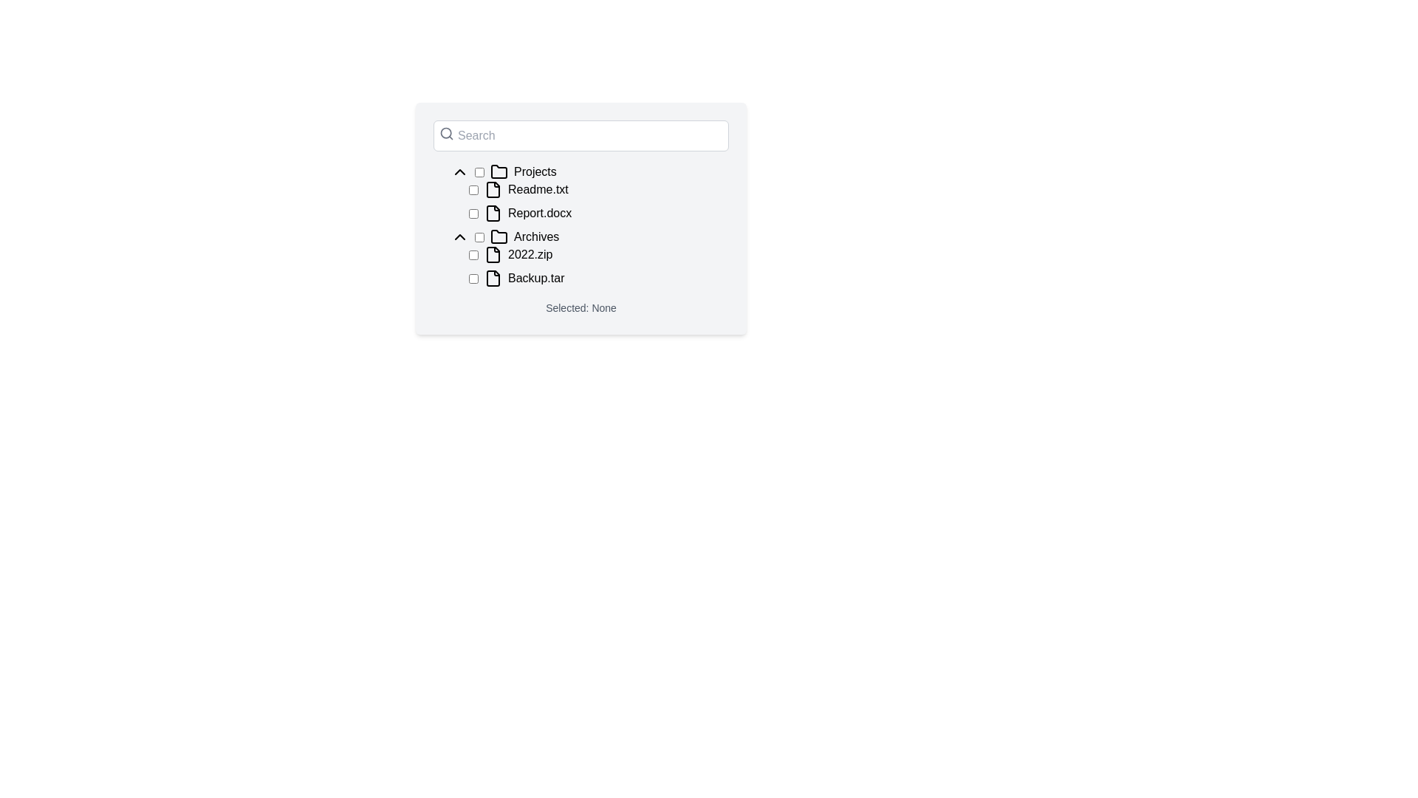 The height and width of the screenshot is (798, 1418). Describe the element at coordinates (589, 236) in the screenshot. I see `the checkbox in the 'Archives' folder row` at that location.